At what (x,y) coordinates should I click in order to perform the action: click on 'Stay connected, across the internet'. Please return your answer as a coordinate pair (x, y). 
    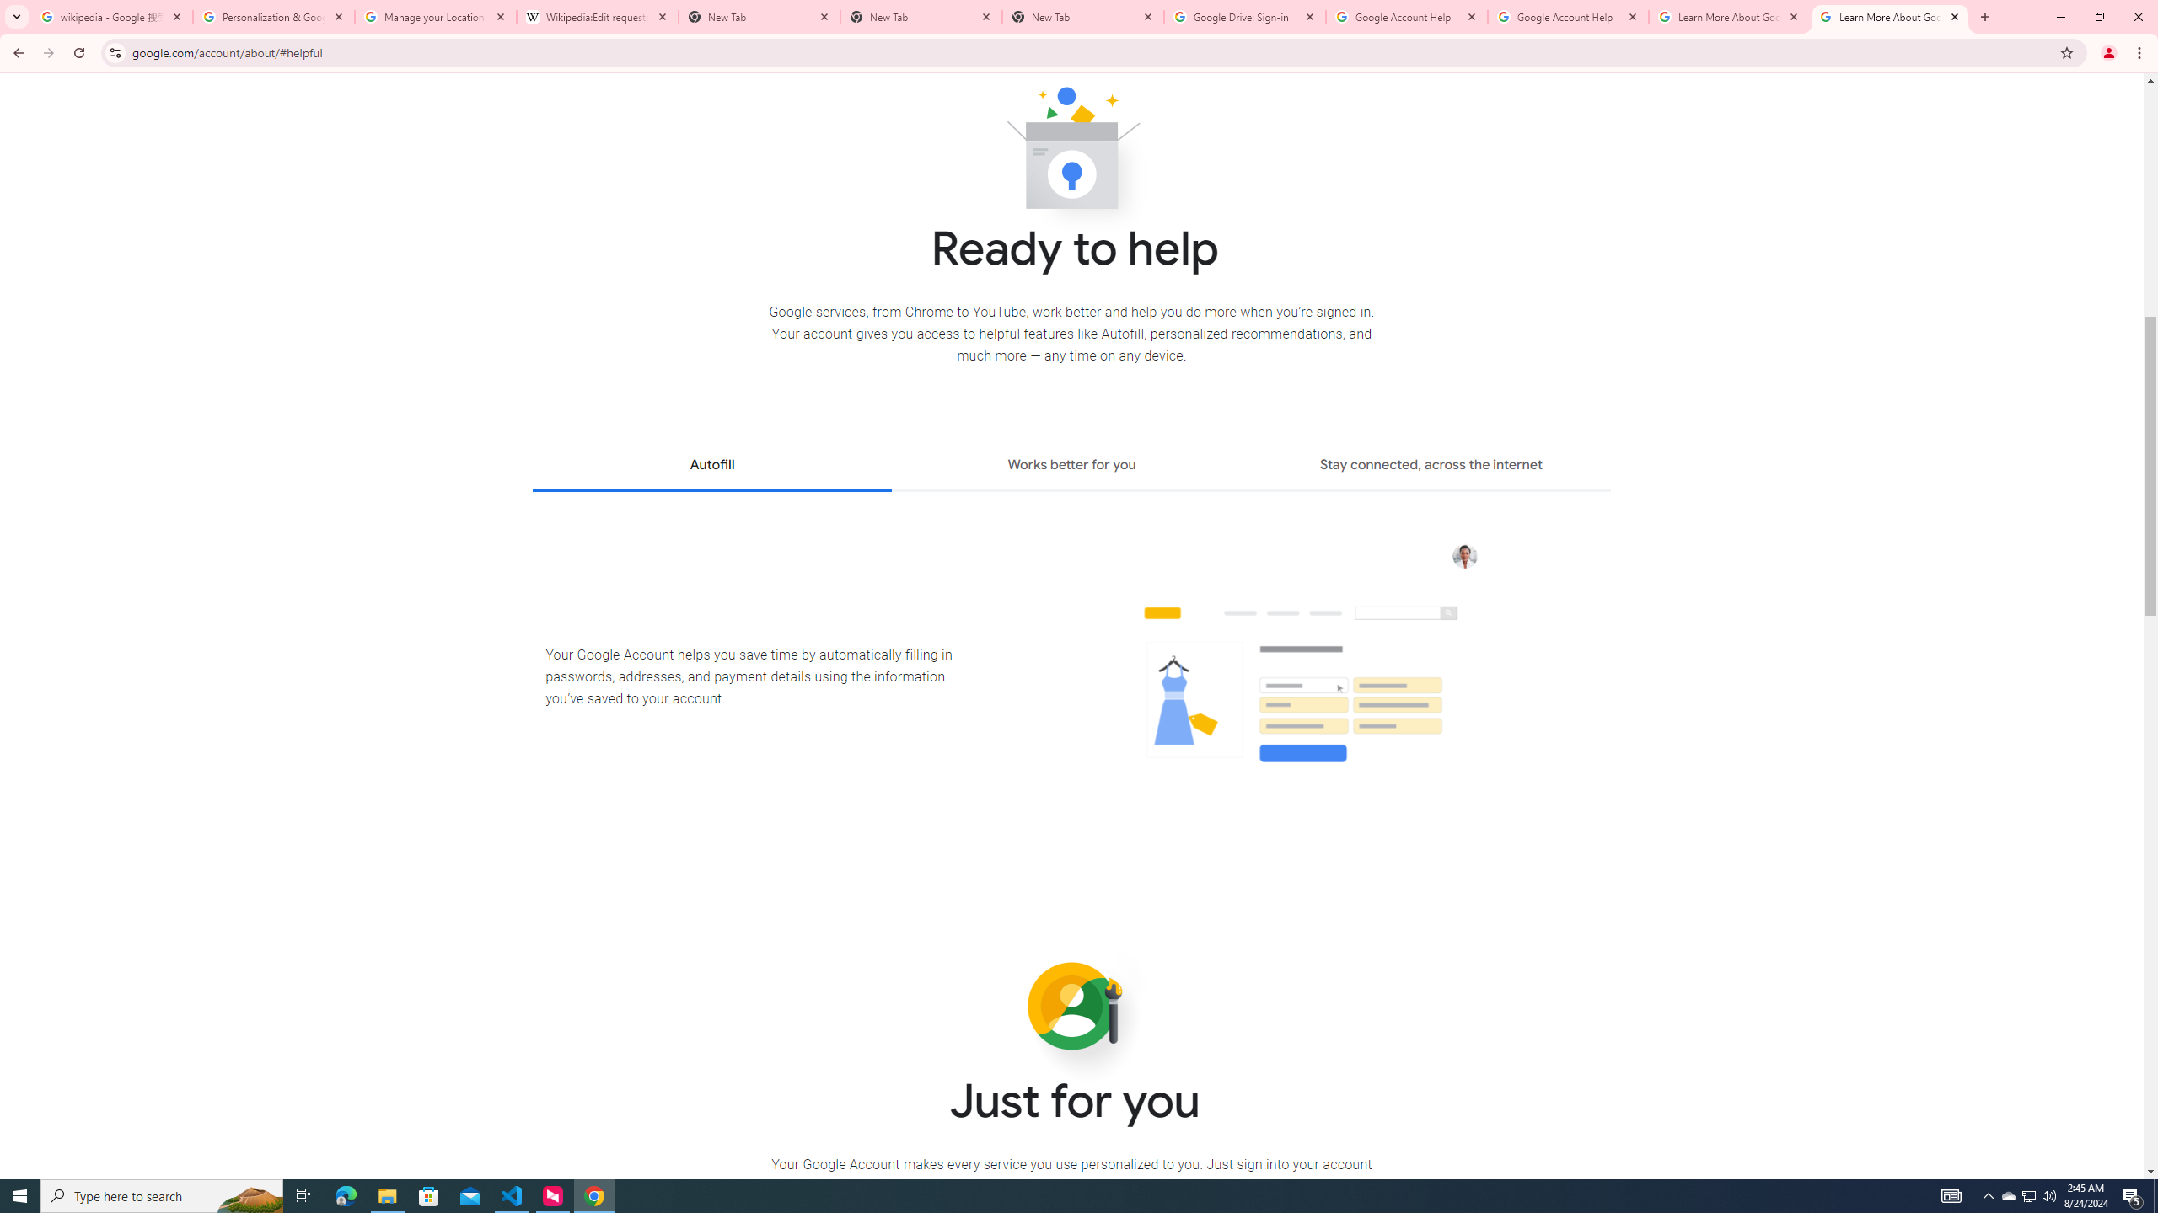
    Looking at the image, I should click on (1431, 467).